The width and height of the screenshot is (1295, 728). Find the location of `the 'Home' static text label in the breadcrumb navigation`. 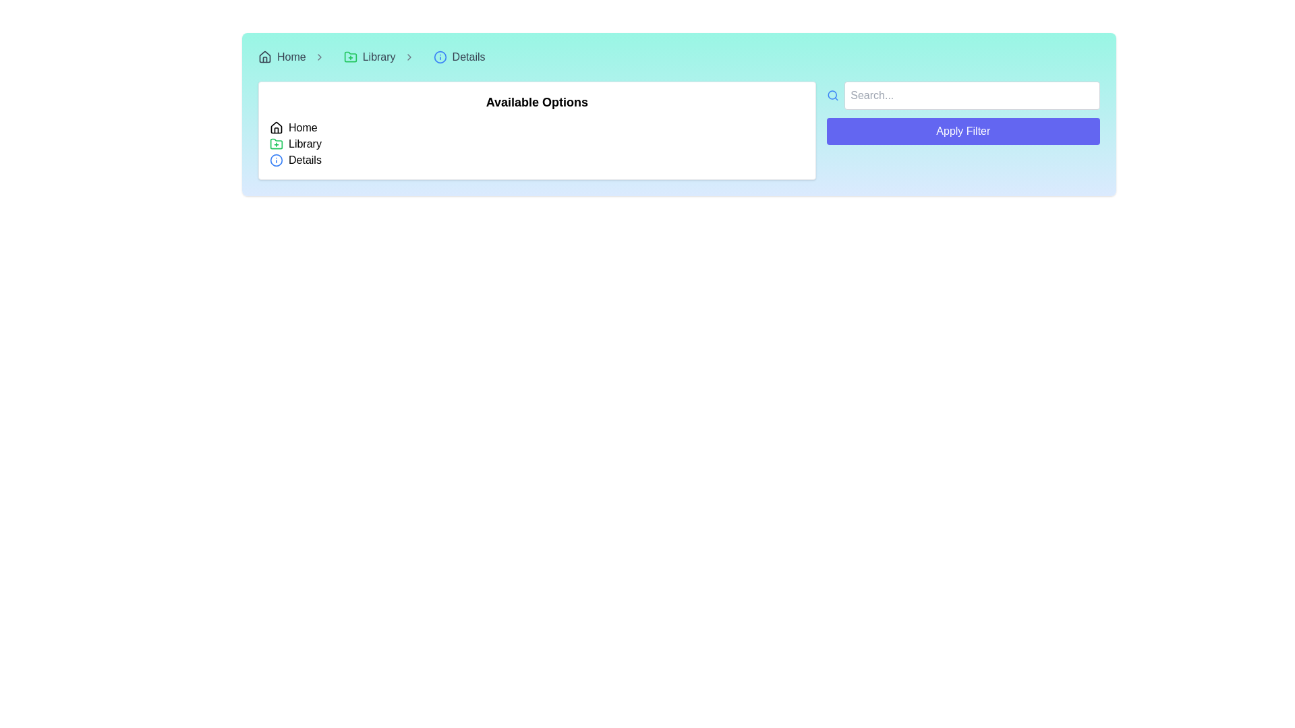

the 'Home' static text label in the breadcrumb navigation is located at coordinates (302, 127).